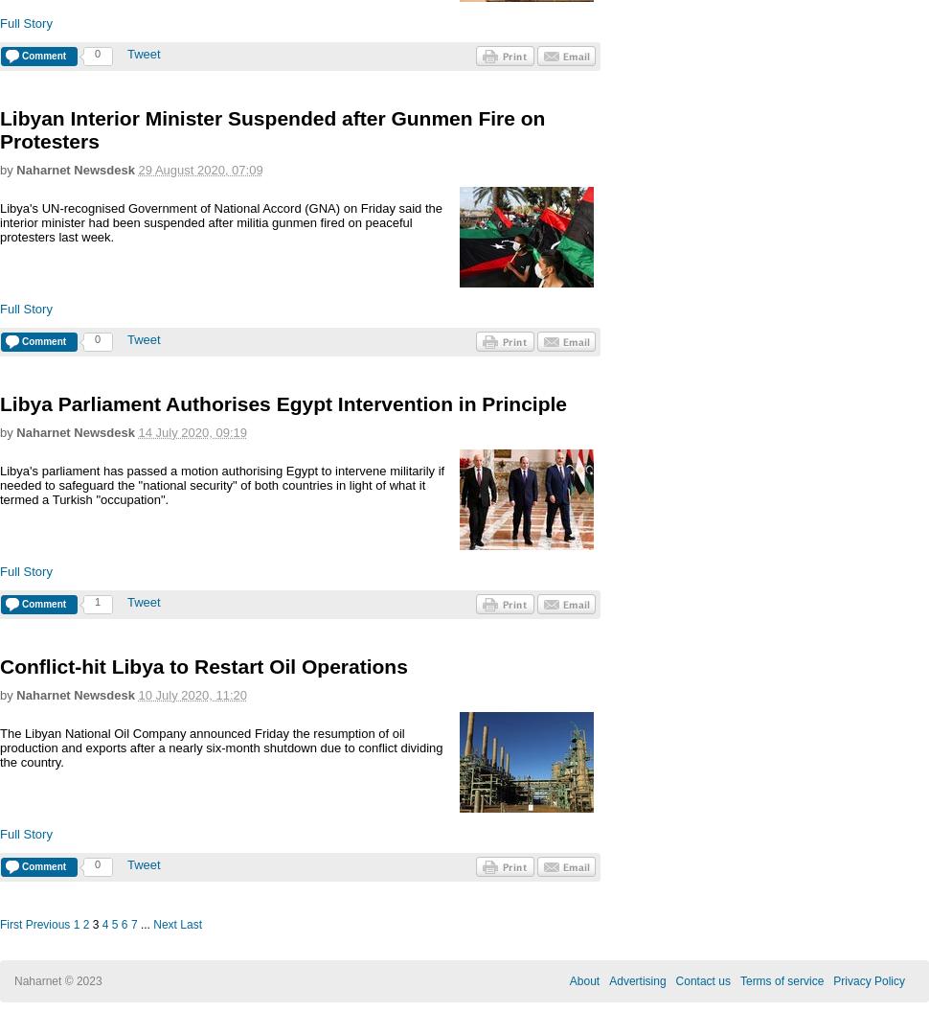 The height and width of the screenshot is (1012, 929). Describe the element at coordinates (191, 924) in the screenshot. I see `'Last'` at that location.